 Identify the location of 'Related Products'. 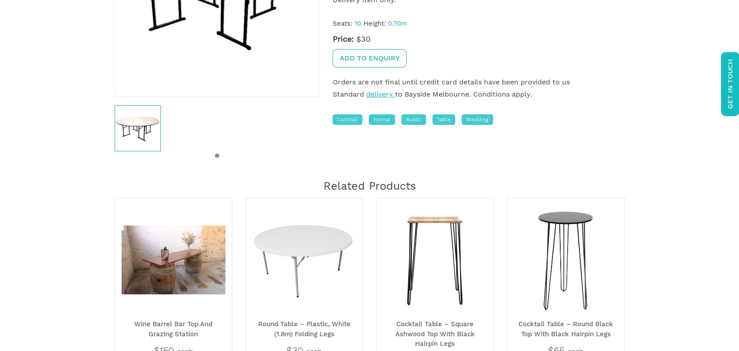
(369, 185).